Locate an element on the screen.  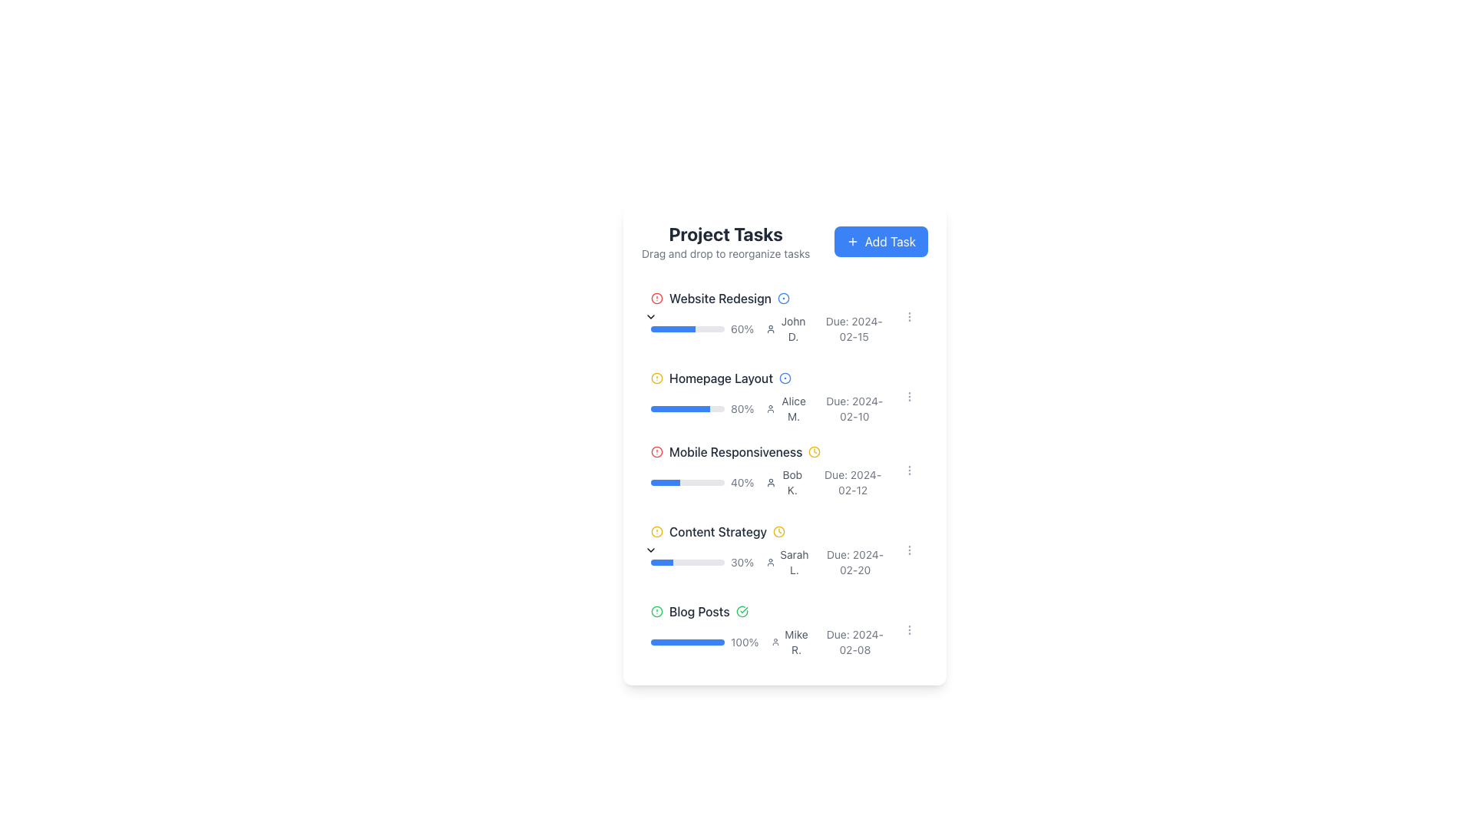
the user profile icon, which is a small circular line-art graphic located to the left of the name 'Mike R.' in the task row for 'Blog Posts' is located at coordinates (775, 642).